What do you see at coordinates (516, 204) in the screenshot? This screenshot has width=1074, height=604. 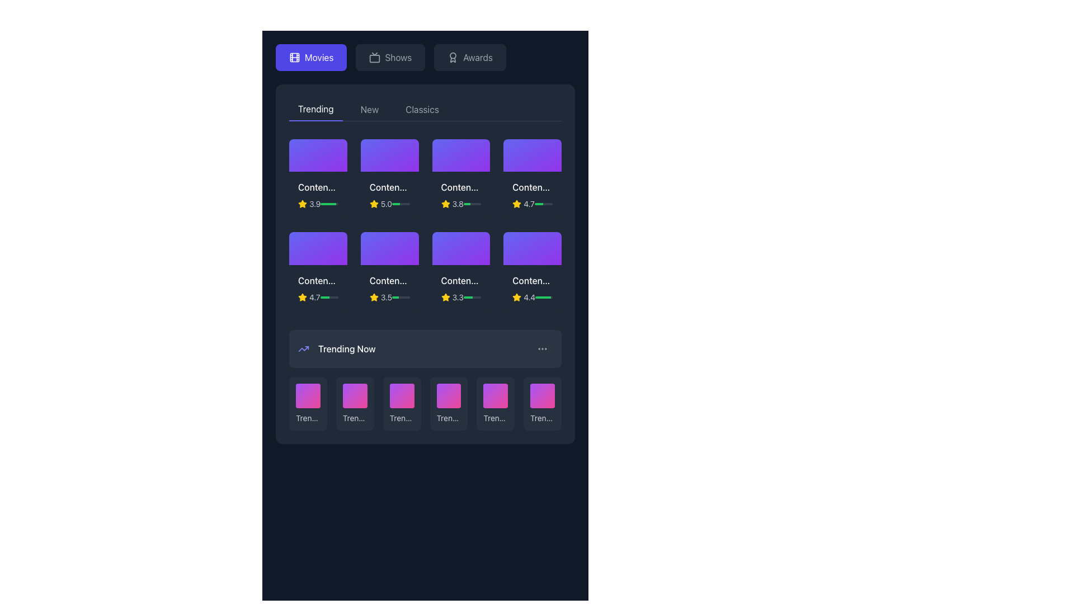 I see `the star-shaped rating indicator located under the 'Trending' section, specifically in the second row and fourth column of the grid layout` at bounding box center [516, 204].